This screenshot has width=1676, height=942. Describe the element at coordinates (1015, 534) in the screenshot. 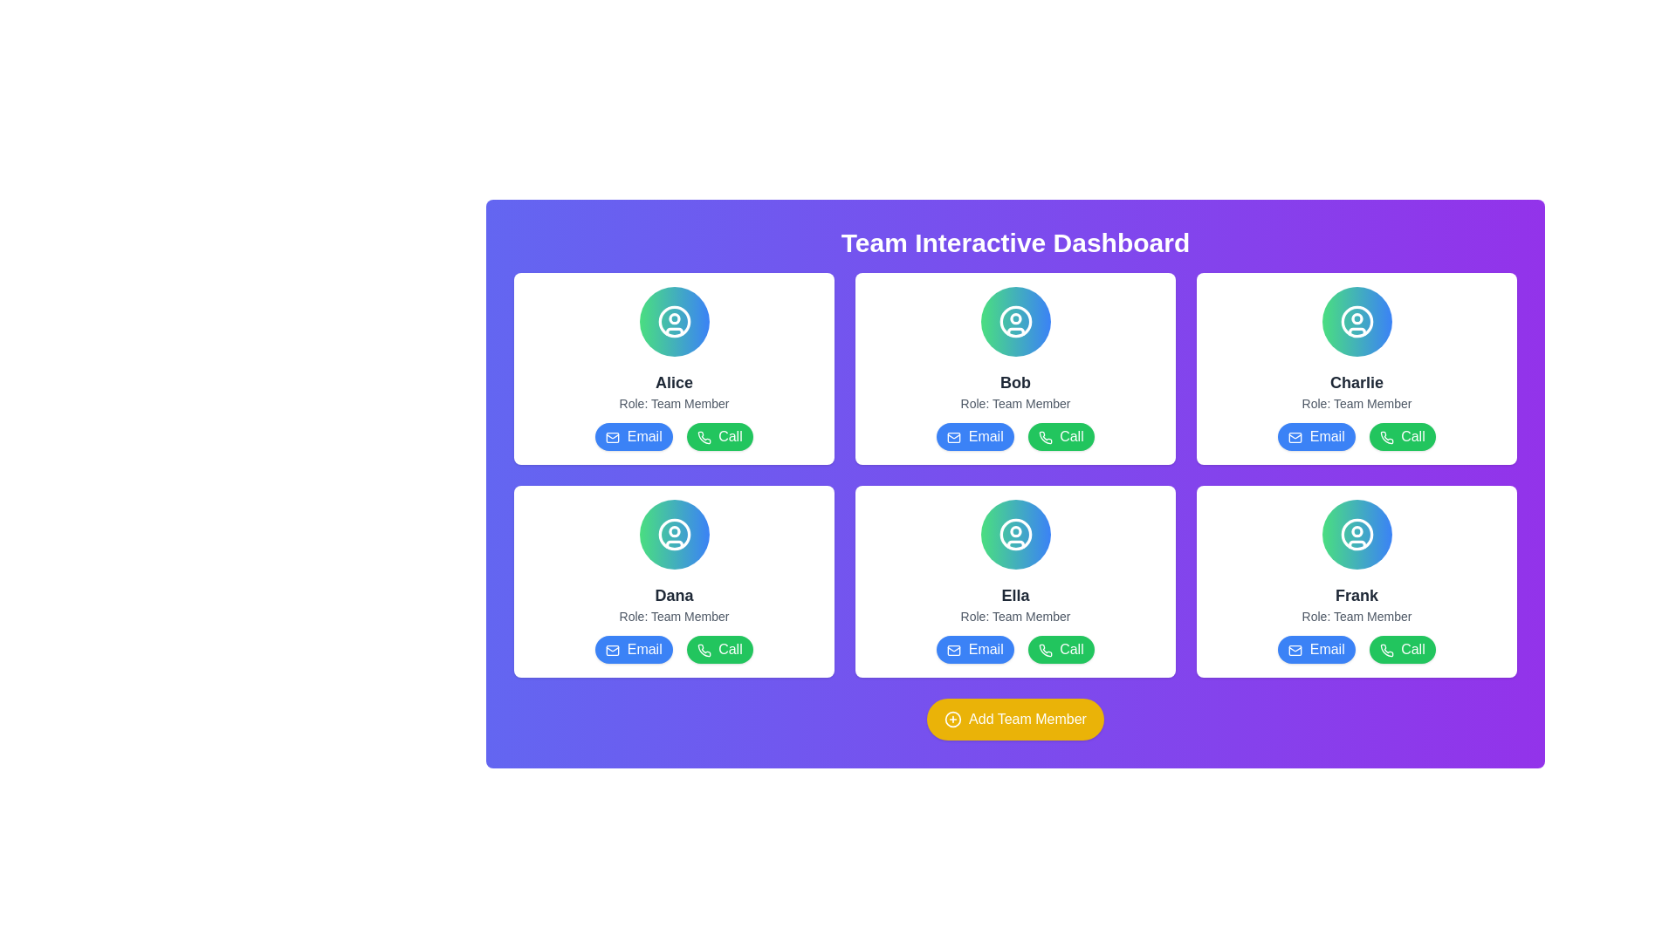

I see `the user identification icon for 'Ella' located in the third column of the second row on the dashboard` at that location.